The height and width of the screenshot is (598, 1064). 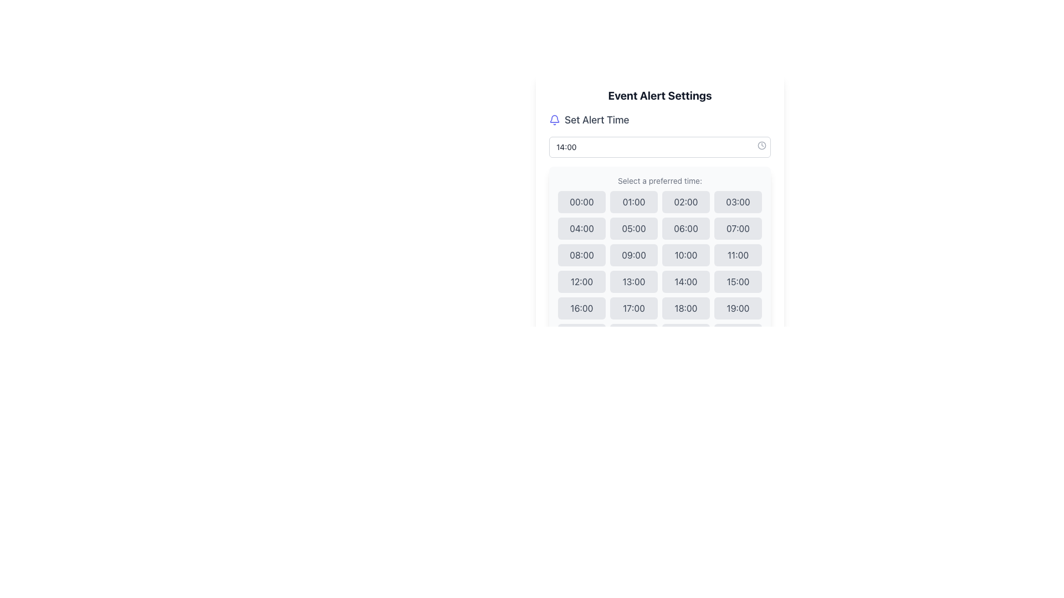 I want to click on the button that selects the time '08:00', located in the first column of the third row in a 4-column grid layout, so click(x=581, y=255).